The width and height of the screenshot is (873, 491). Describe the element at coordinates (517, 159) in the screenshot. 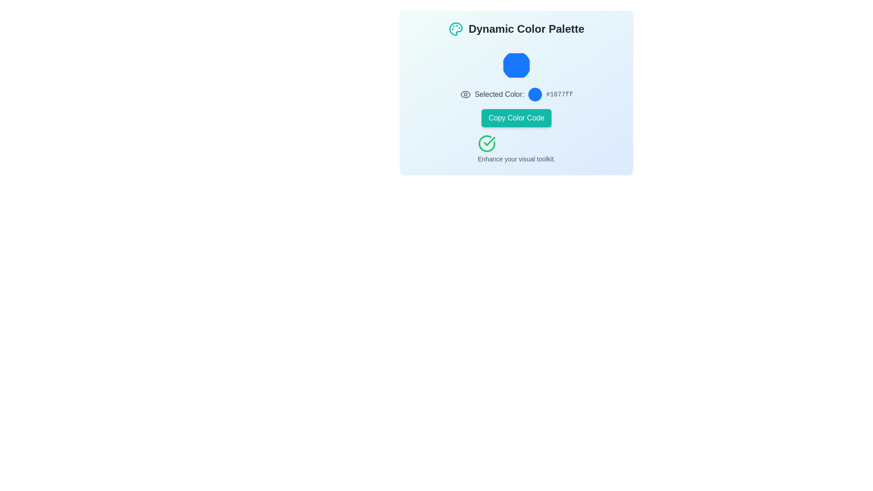

I see `the text label displaying 'Enhance your visual toolkit.' in gray font, located at the bottom of the 'Dynamic Color Palette' section` at that location.